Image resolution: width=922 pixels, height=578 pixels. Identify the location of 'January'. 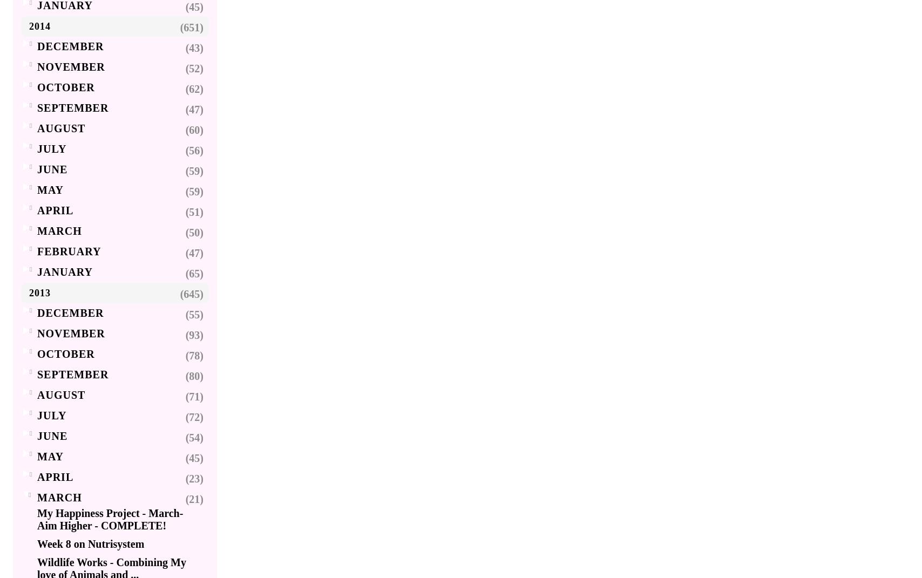
(64, 271).